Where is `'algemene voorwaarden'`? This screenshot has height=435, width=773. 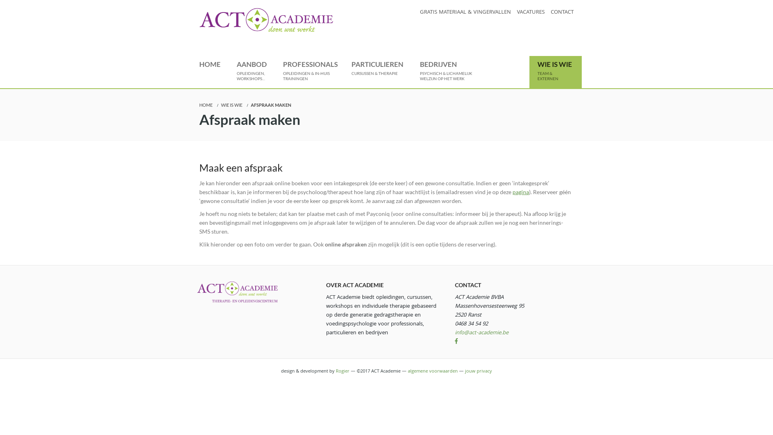 'algemene voorwaarden' is located at coordinates (432, 371).